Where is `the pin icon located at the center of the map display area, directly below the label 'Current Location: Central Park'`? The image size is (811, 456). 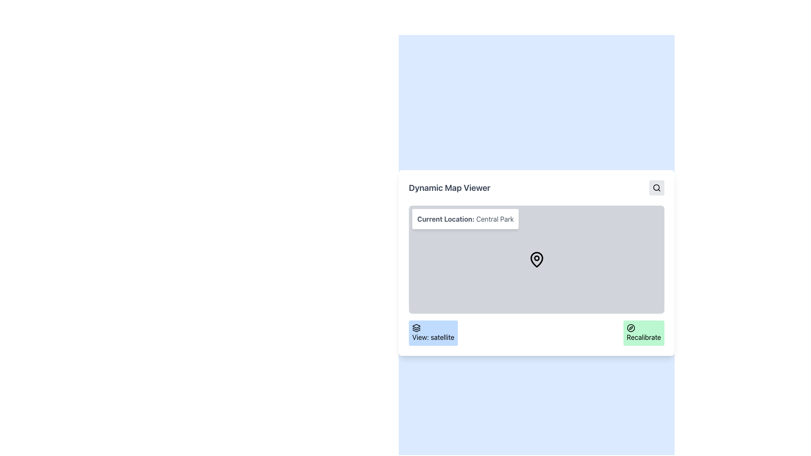
the pin icon located at the center of the map display area, directly below the label 'Current Location: Central Park' is located at coordinates (536, 259).